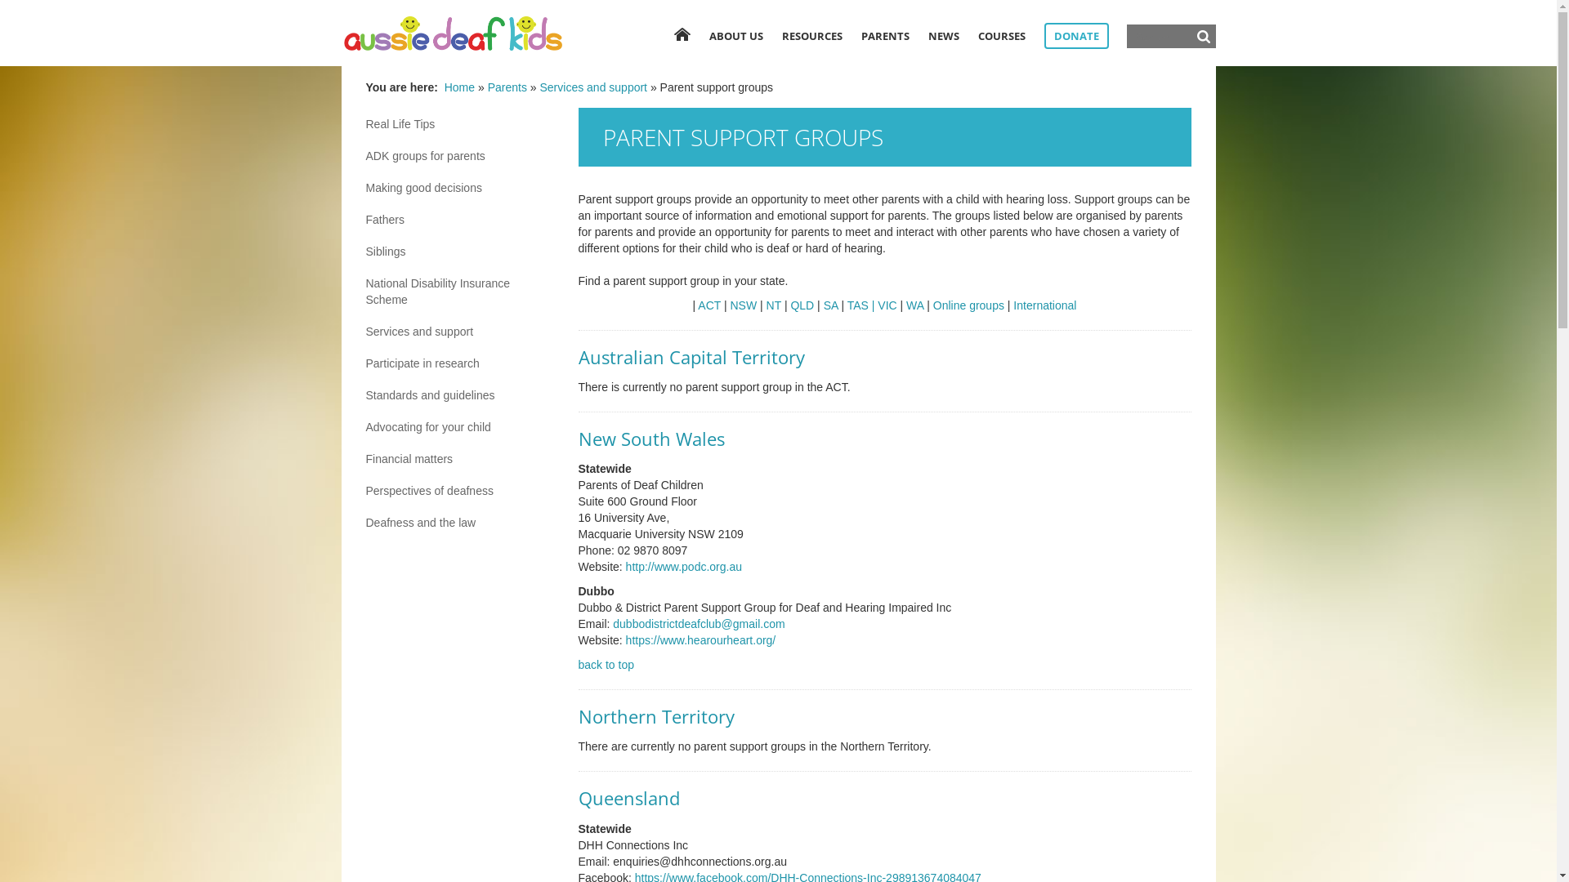  What do you see at coordinates (847, 305) in the screenshot?
I see `'TAS |'` at bounding box center [847, 305].